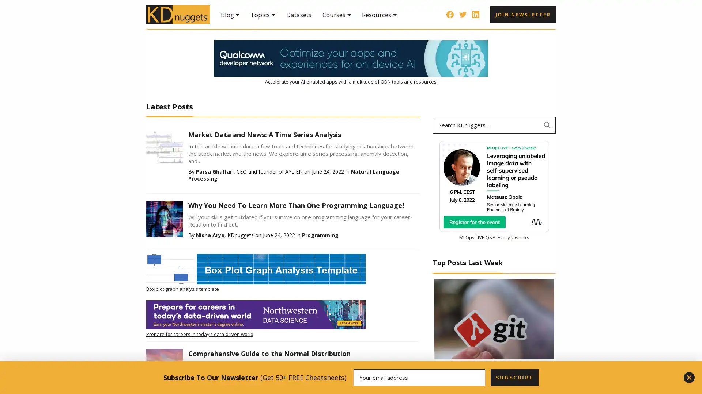  Describe the element at coordinates (514, 377) in the screenshot. I see `Subscribe` at that location.